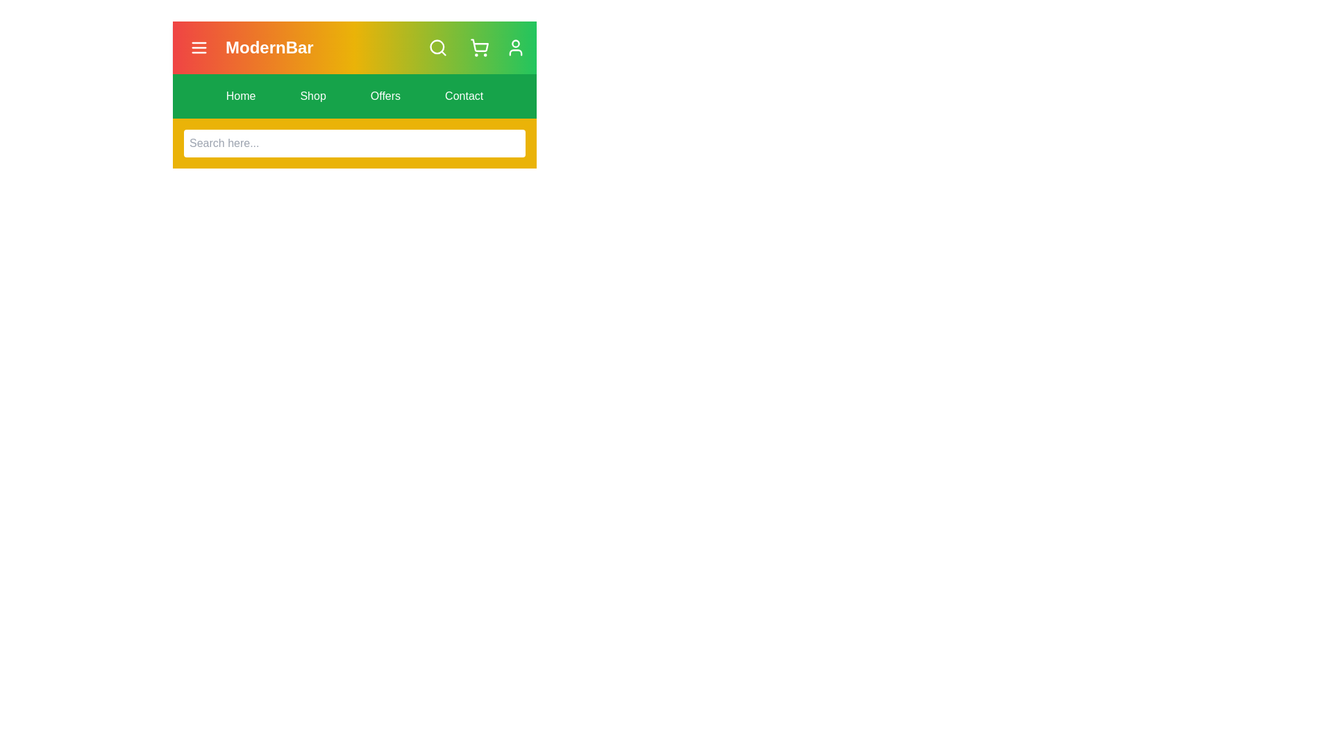  What do you see at coordinates (480, 47) in the screenshot?
I see `the shopping cart icon` at bounding box center [480, 47].